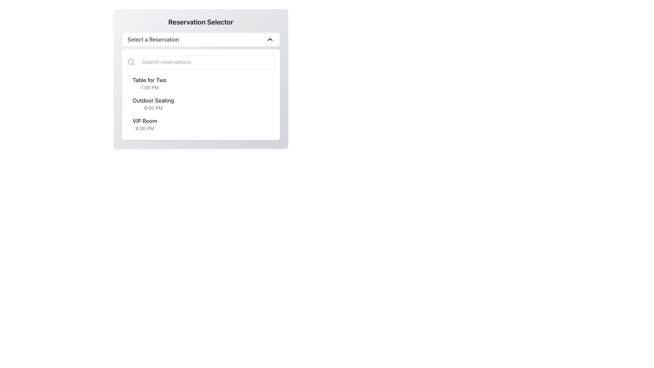 The height and width of the screenshot is (368, 654). I want to click on the second list item for outdoor seating reservation at 8:00 PM, so click(153, 104).